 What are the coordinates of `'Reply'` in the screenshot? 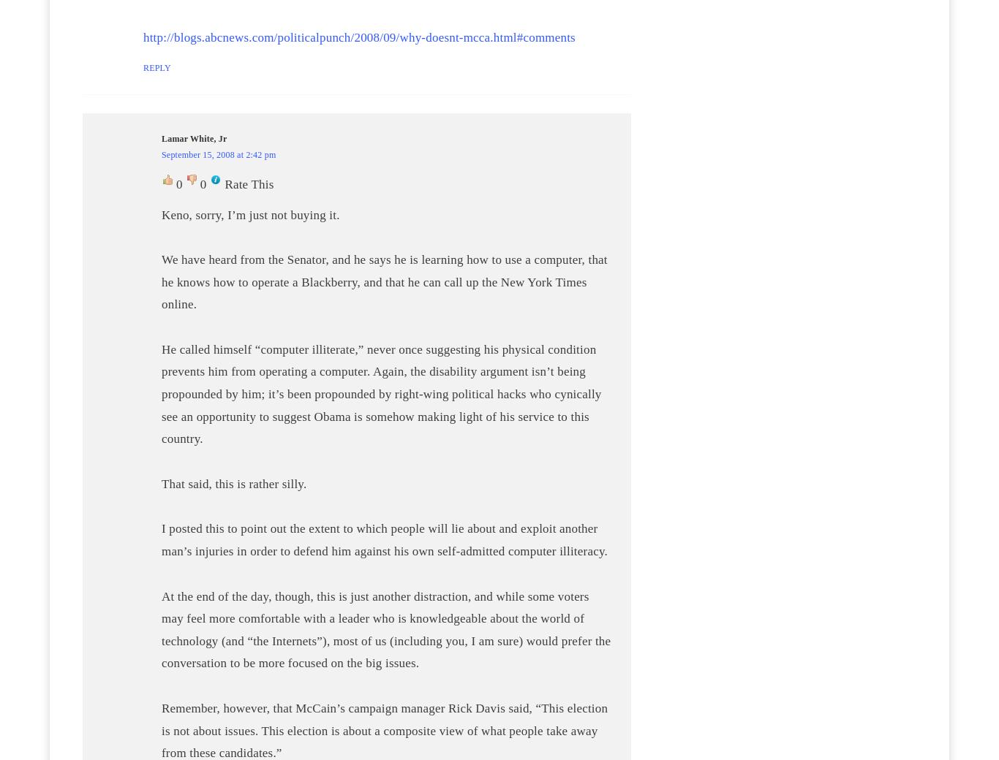 It's located at (156, 66).